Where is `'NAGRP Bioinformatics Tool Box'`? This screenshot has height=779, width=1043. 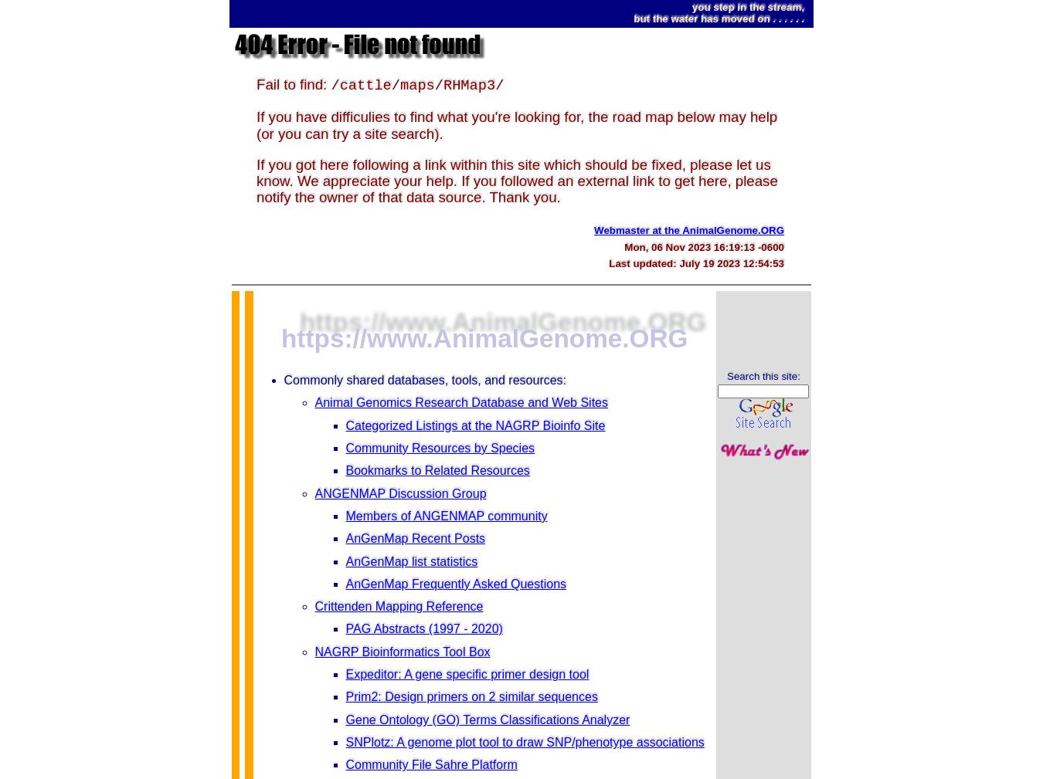 'NAGRP Bioinformatics Tool Box' is located at coordinates (401, 651).